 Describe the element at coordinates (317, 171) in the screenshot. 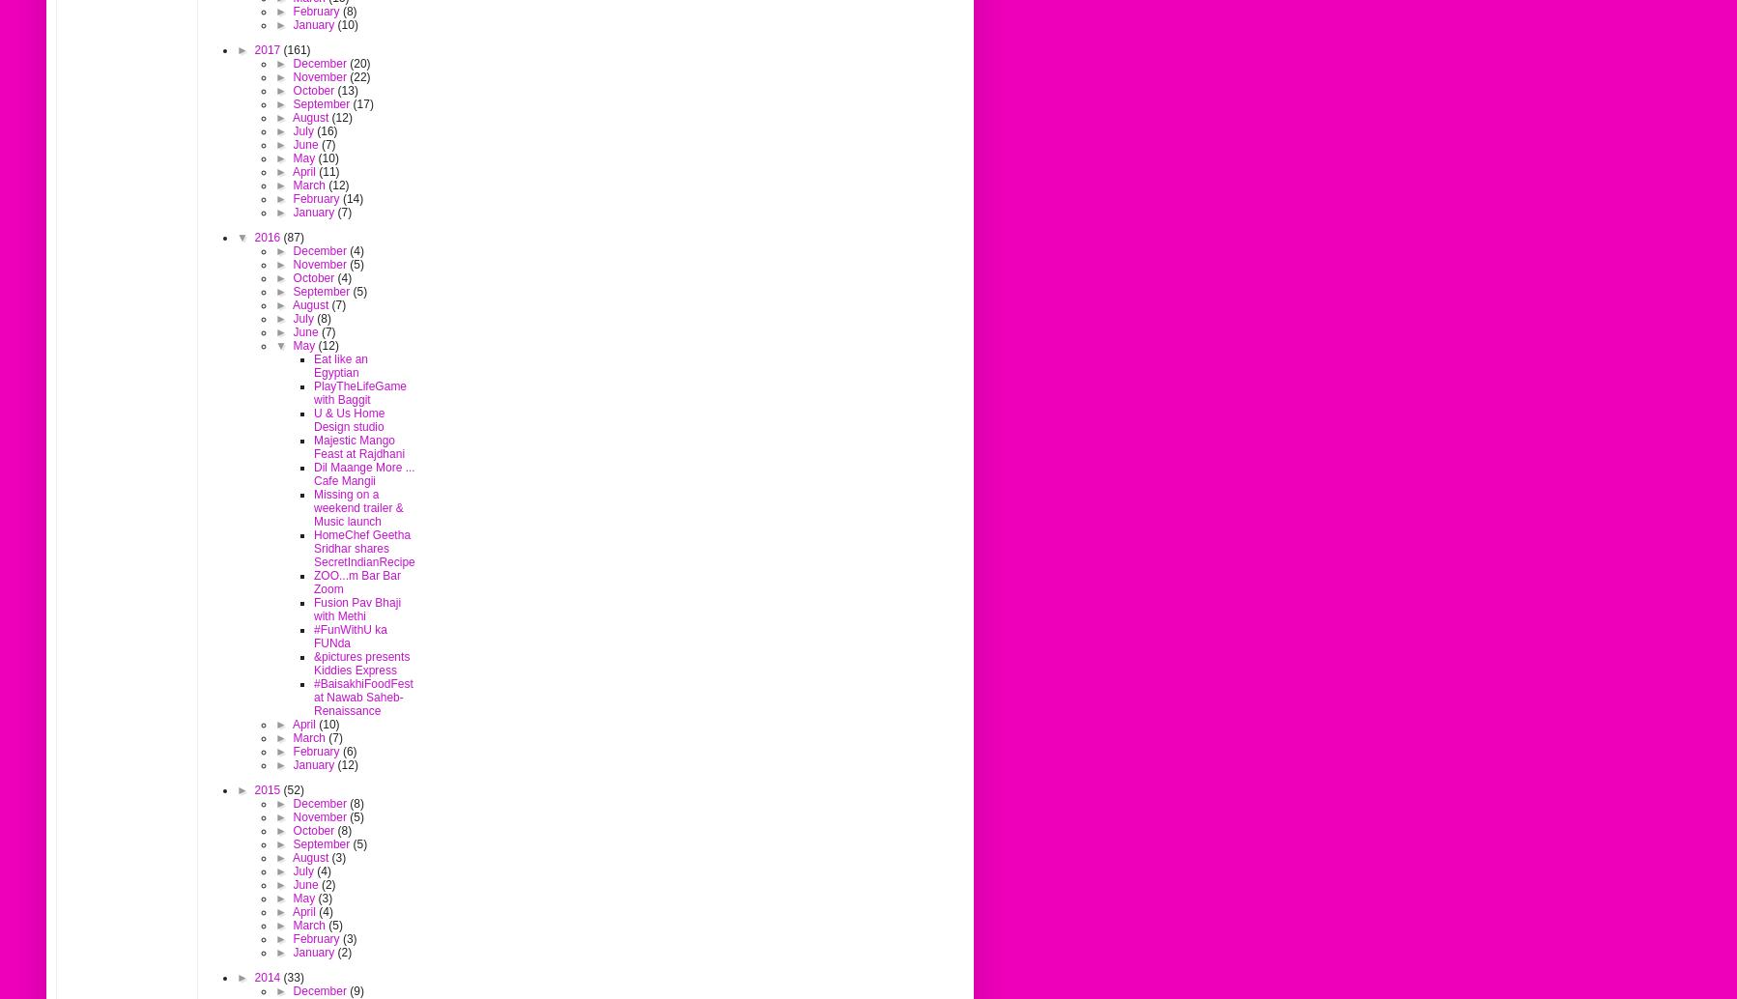

I see `'(11)'` at that location.